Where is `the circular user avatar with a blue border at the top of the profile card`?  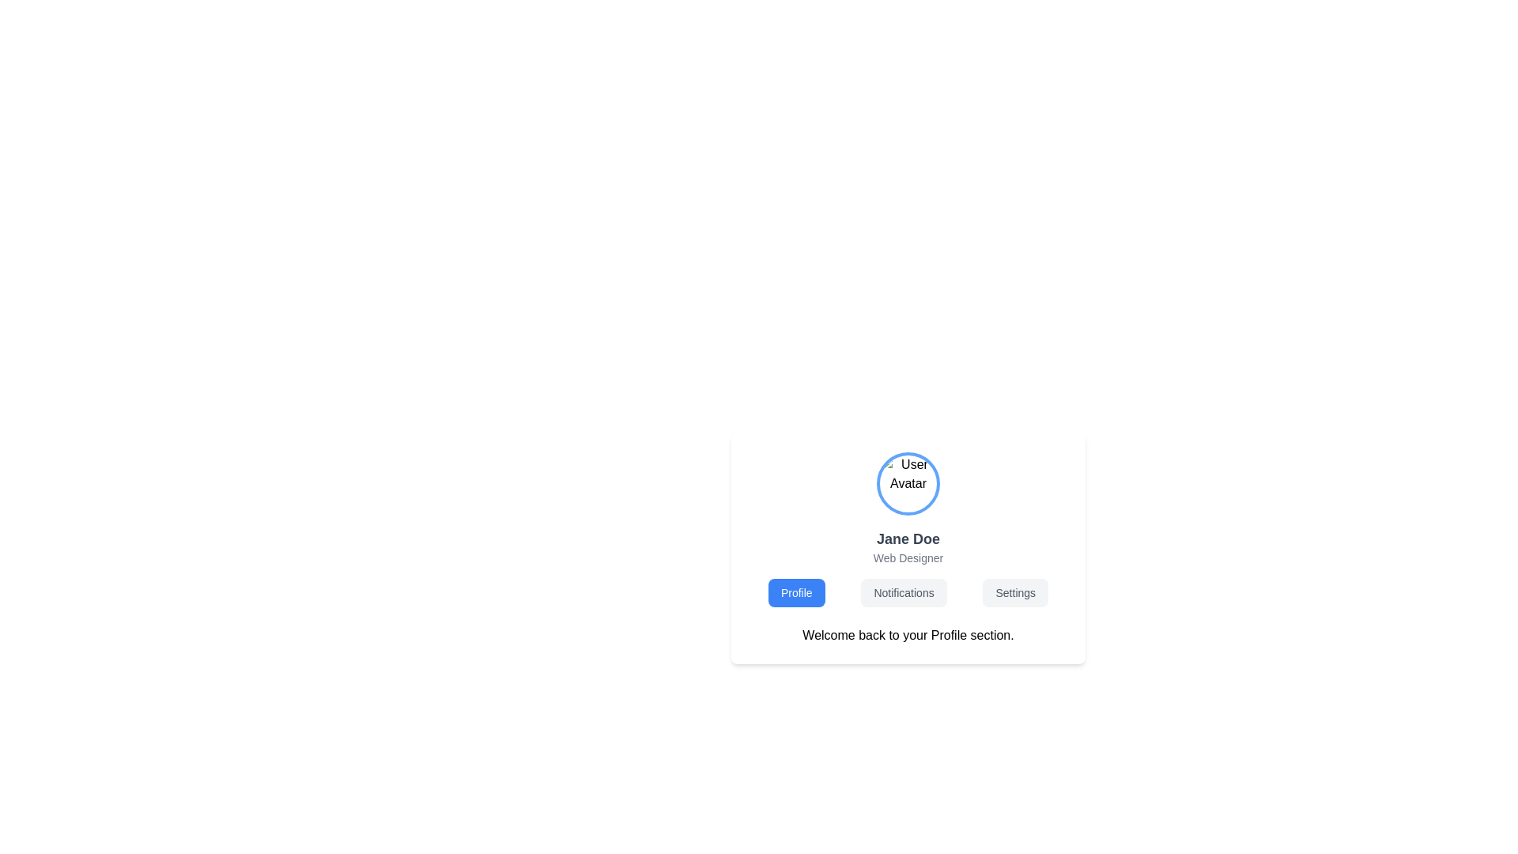
the circular user avatar with a blue border at the top of the profile card is located at coordinates (908, 483).